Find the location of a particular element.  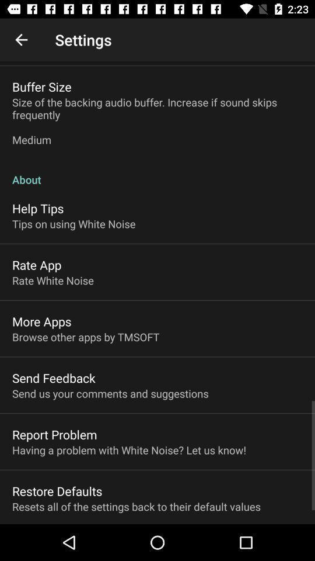

more apps is located at coordinates (41, 321).